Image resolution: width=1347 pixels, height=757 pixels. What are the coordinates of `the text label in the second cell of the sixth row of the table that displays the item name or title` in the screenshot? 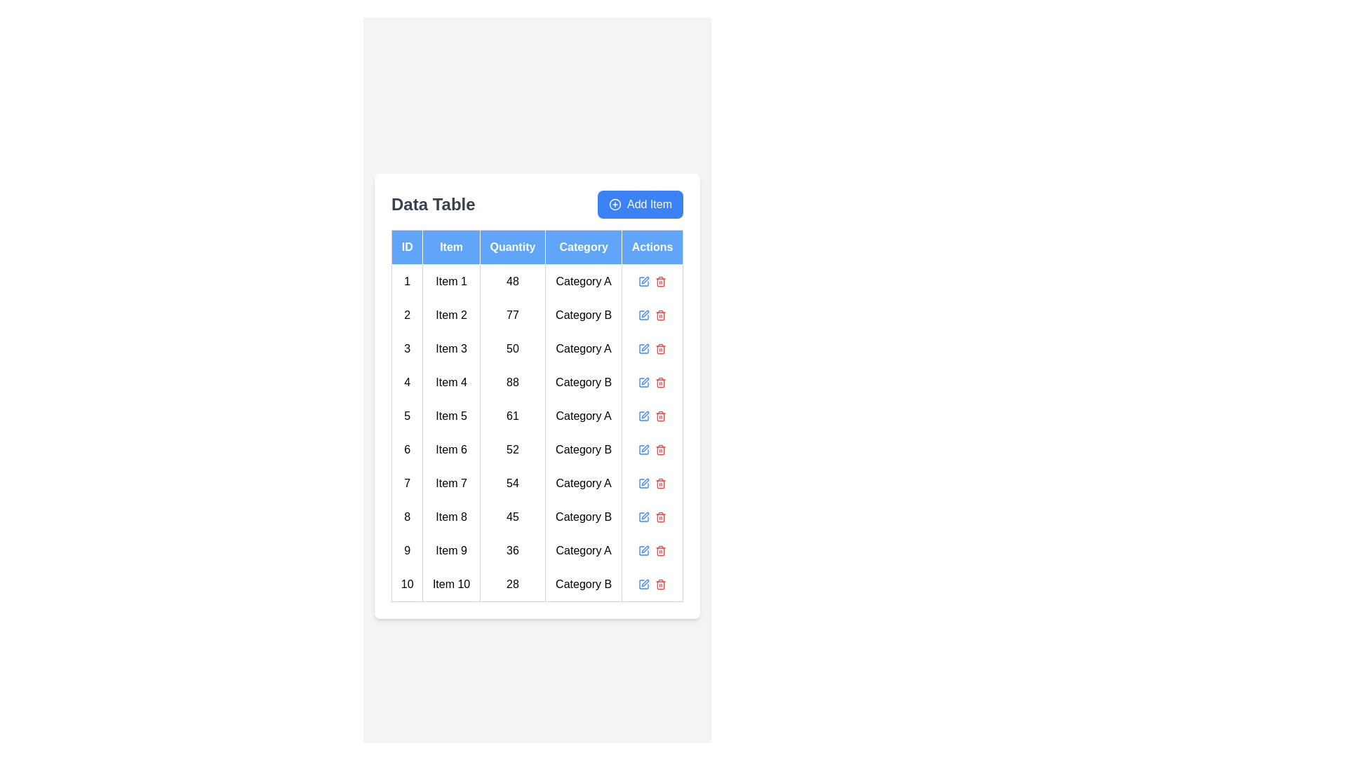 It's located at (451, 449).